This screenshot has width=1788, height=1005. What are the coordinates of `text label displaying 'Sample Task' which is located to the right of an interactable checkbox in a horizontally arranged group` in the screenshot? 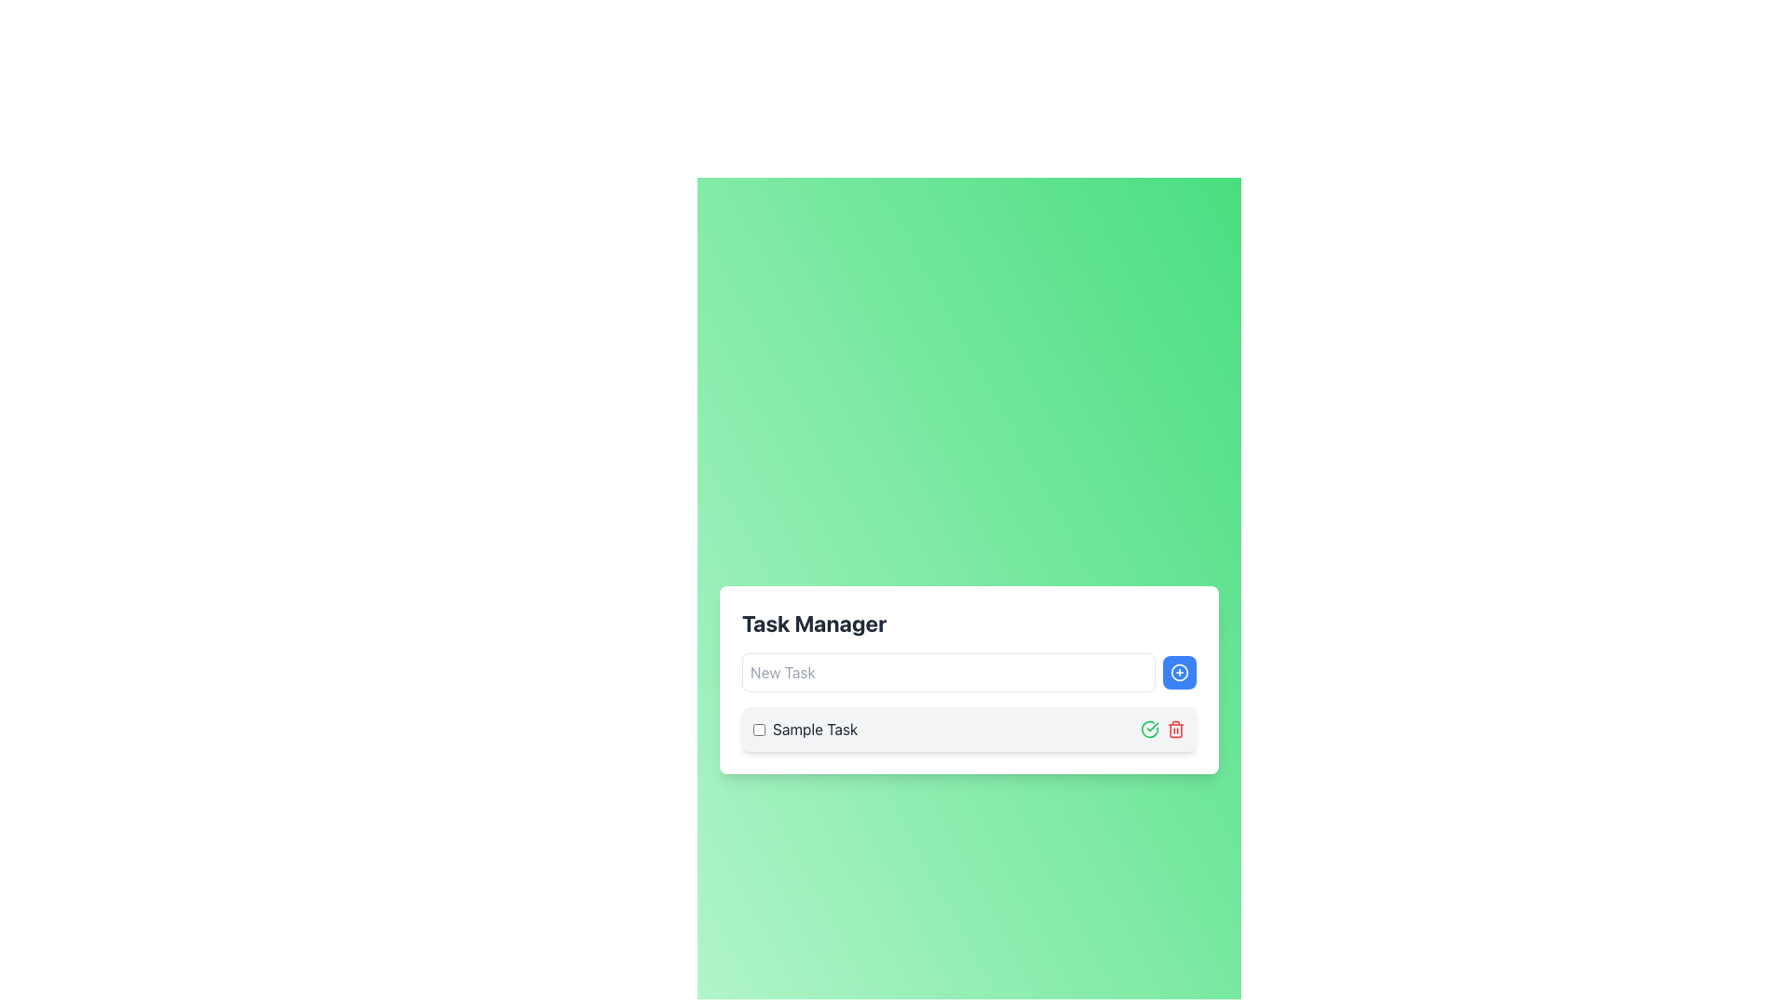 It's located at (815, 728).